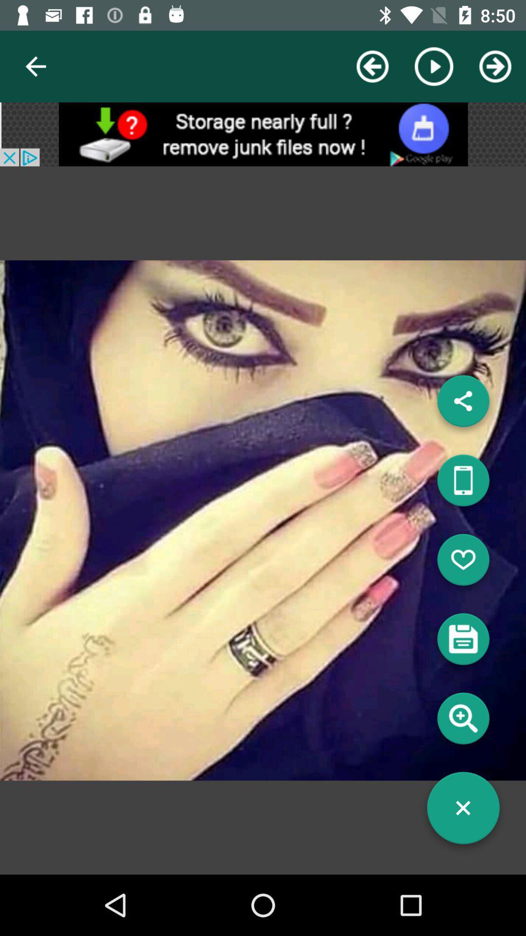  I want to click on the favorite icon, so click(463, 564).